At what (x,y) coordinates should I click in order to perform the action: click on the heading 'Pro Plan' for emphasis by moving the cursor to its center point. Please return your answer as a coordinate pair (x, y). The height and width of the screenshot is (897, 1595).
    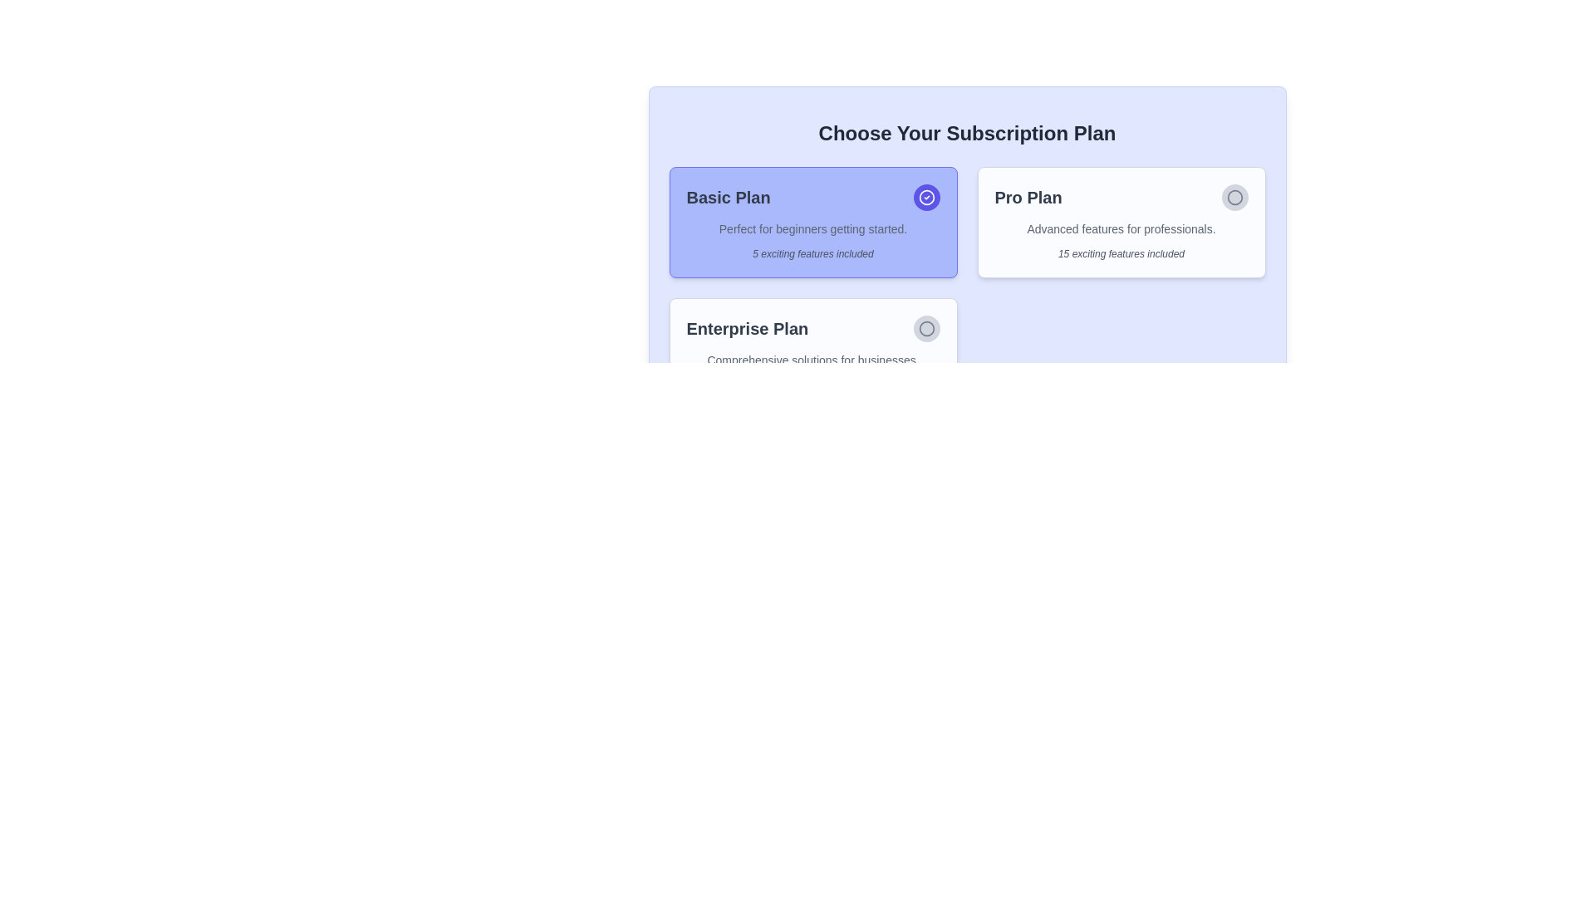
    Looking at the image, I should click on (1121, 197).